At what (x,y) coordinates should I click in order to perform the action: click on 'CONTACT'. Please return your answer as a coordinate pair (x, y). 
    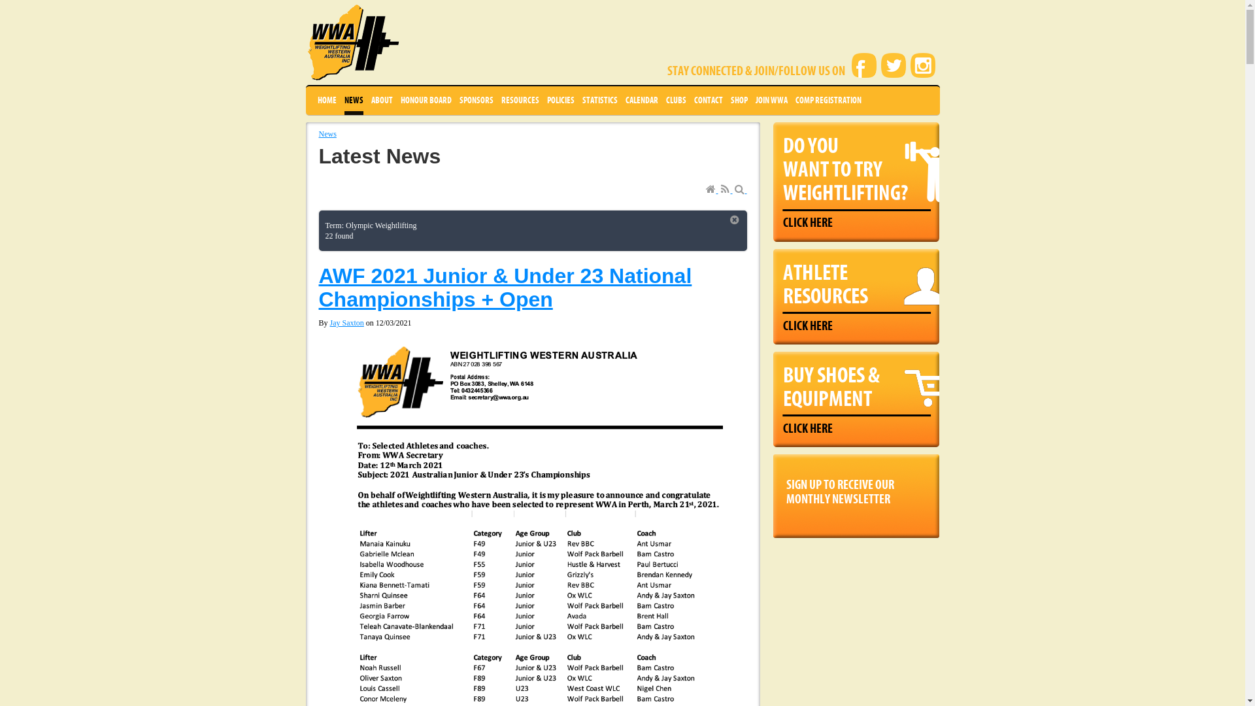
    Looking at the image, I should click on (708, 100).